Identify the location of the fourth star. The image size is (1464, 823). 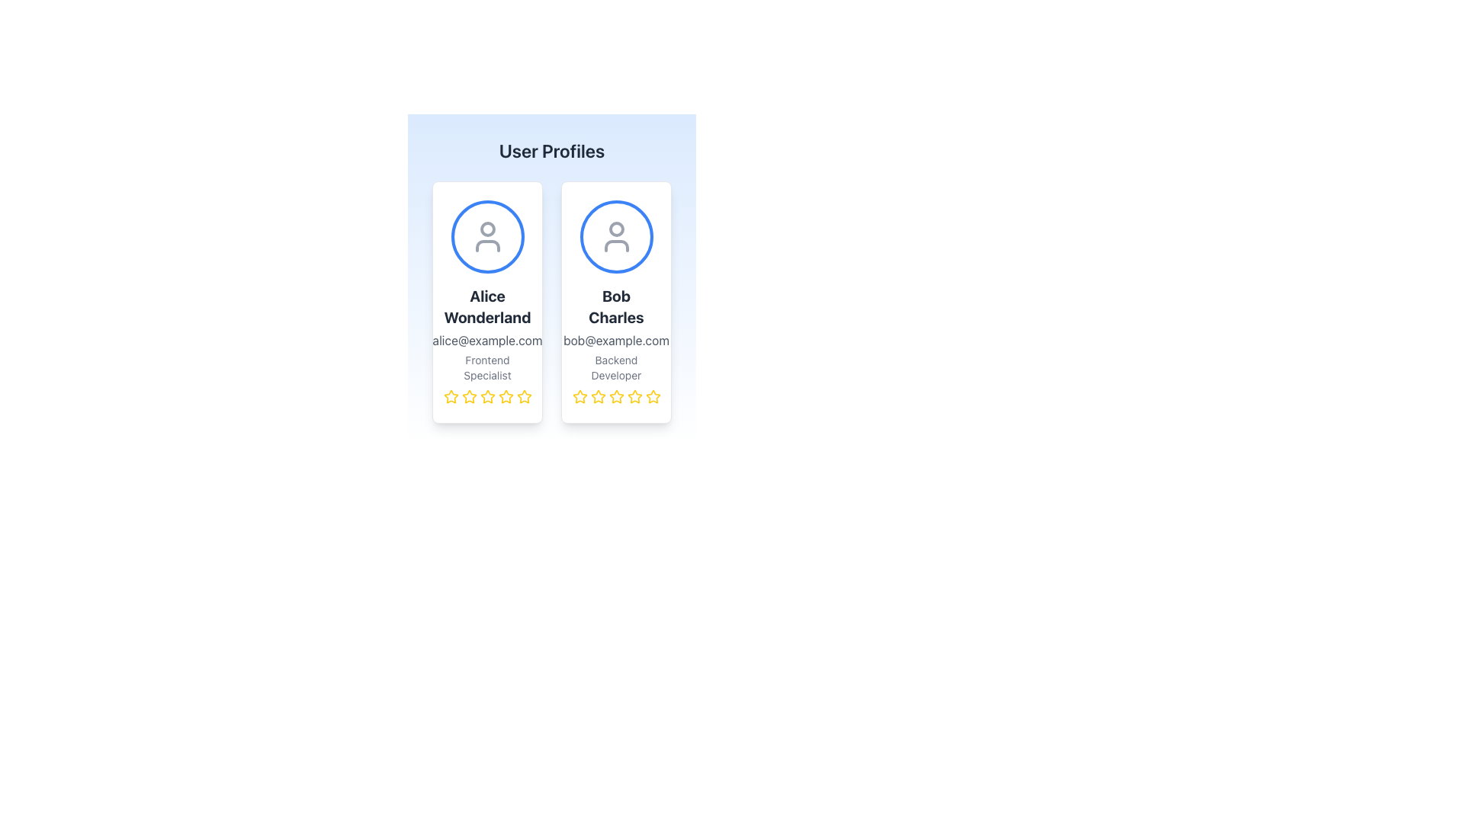
(615, 395).